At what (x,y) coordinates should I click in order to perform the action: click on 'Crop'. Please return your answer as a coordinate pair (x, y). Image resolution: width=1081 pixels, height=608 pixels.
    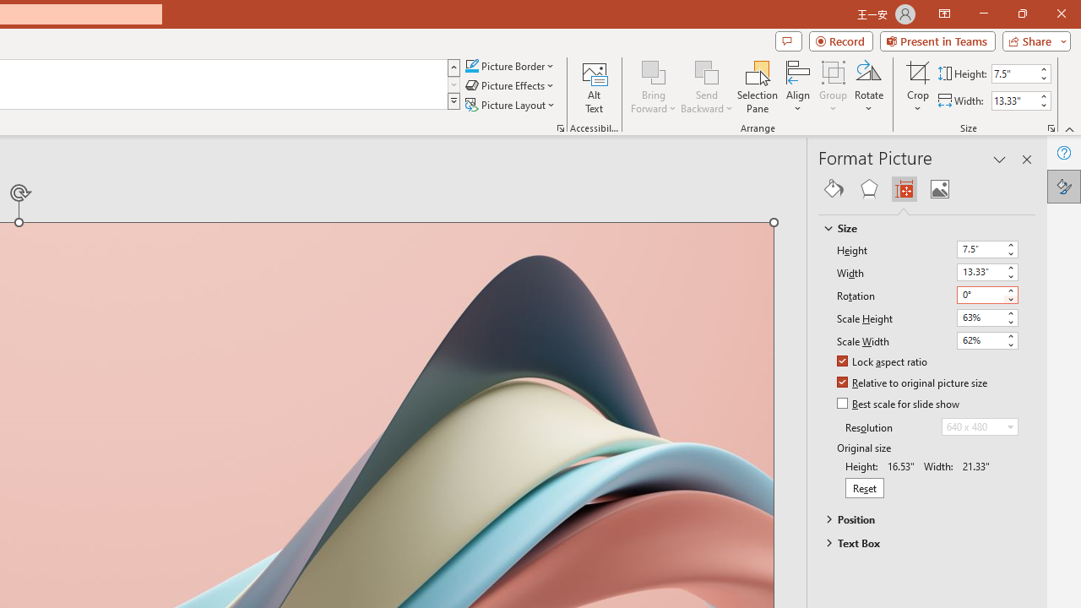
    Looking at the image, I should click on (917, 87).